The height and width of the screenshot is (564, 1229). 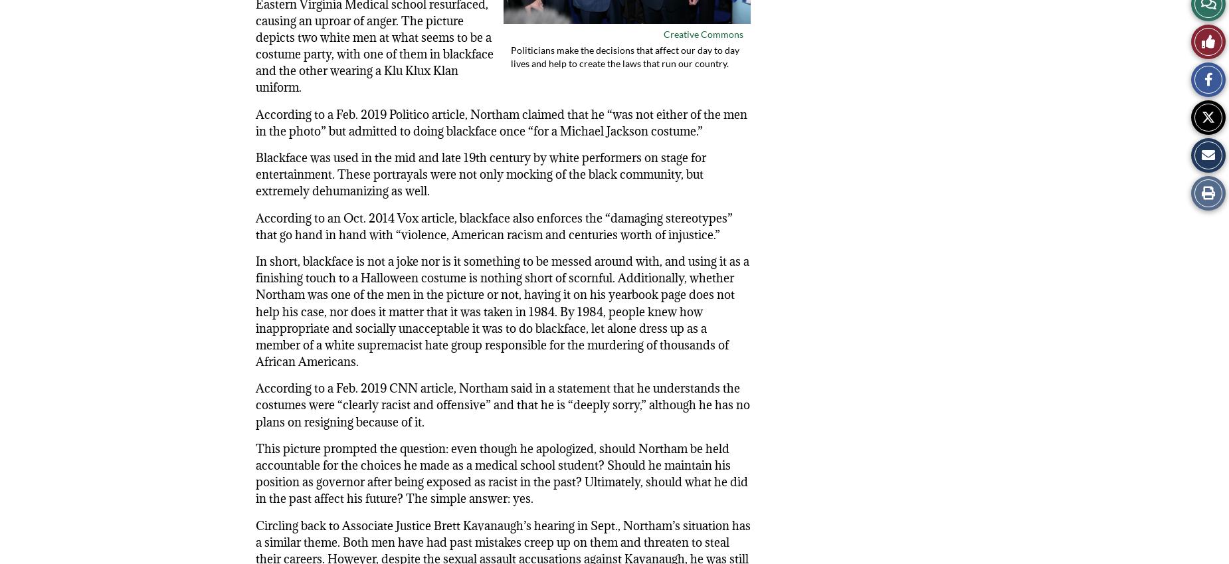 I want to click on 'Creative Commons', so click(x=702, y=33).